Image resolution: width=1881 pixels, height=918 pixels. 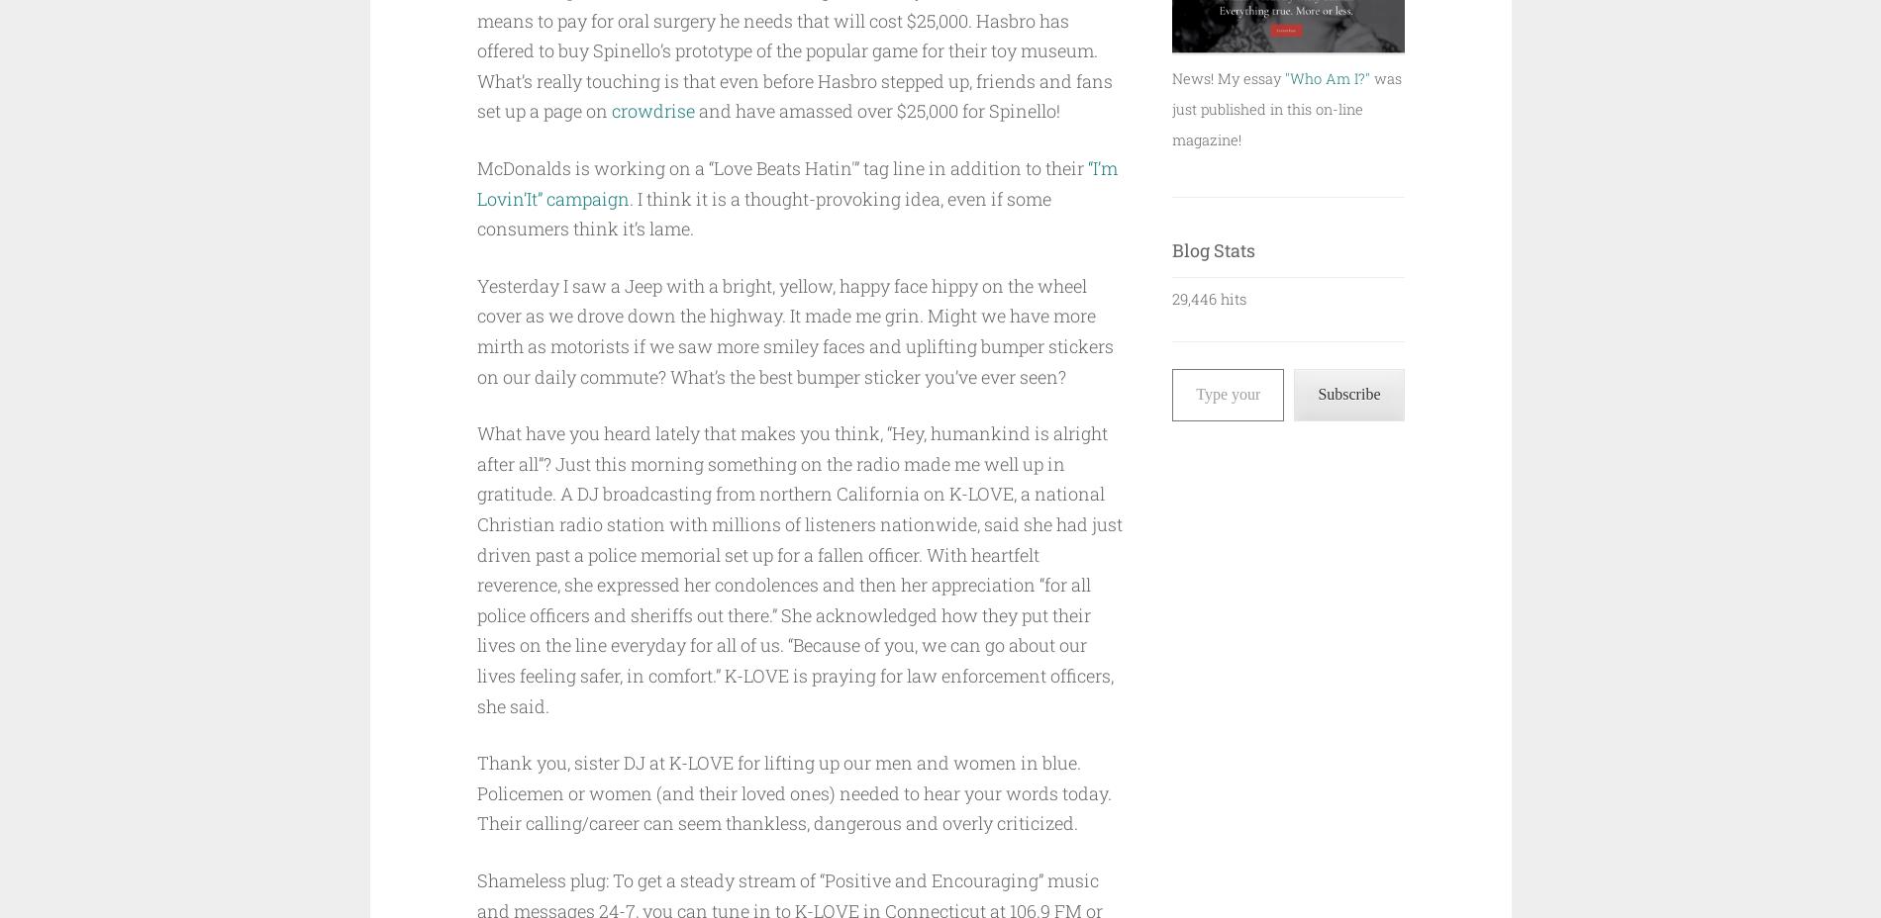 I want to click on 'Subscribe', so click(x=1347, y=394).